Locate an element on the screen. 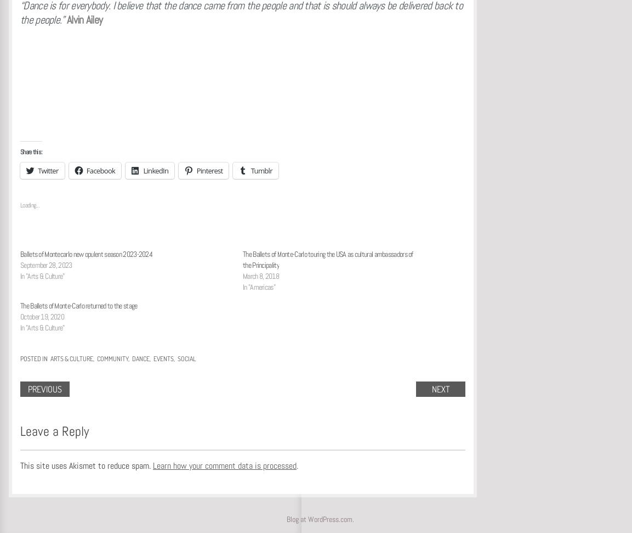 Image resolution: width=632 pixels, height=533 pixels. 'Facebook' is located at coordinates (100, 170).